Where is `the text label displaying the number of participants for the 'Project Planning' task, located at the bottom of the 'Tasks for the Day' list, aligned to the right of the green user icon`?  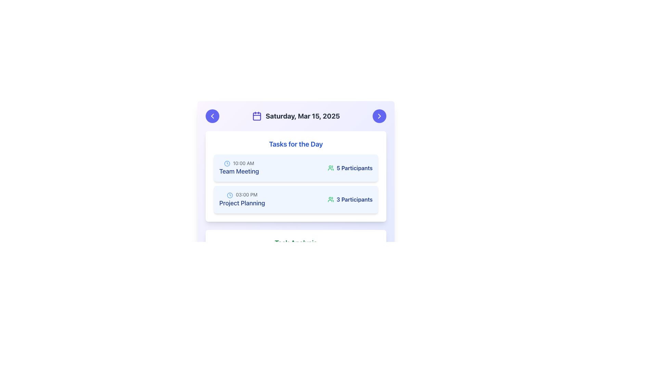
the text label displaying the number of participants for the 'Project Planning' task, located at the bottom of the 'Tasks for the Day' list, aligned to the right of the green user icon is located at coordinates (355, 200).